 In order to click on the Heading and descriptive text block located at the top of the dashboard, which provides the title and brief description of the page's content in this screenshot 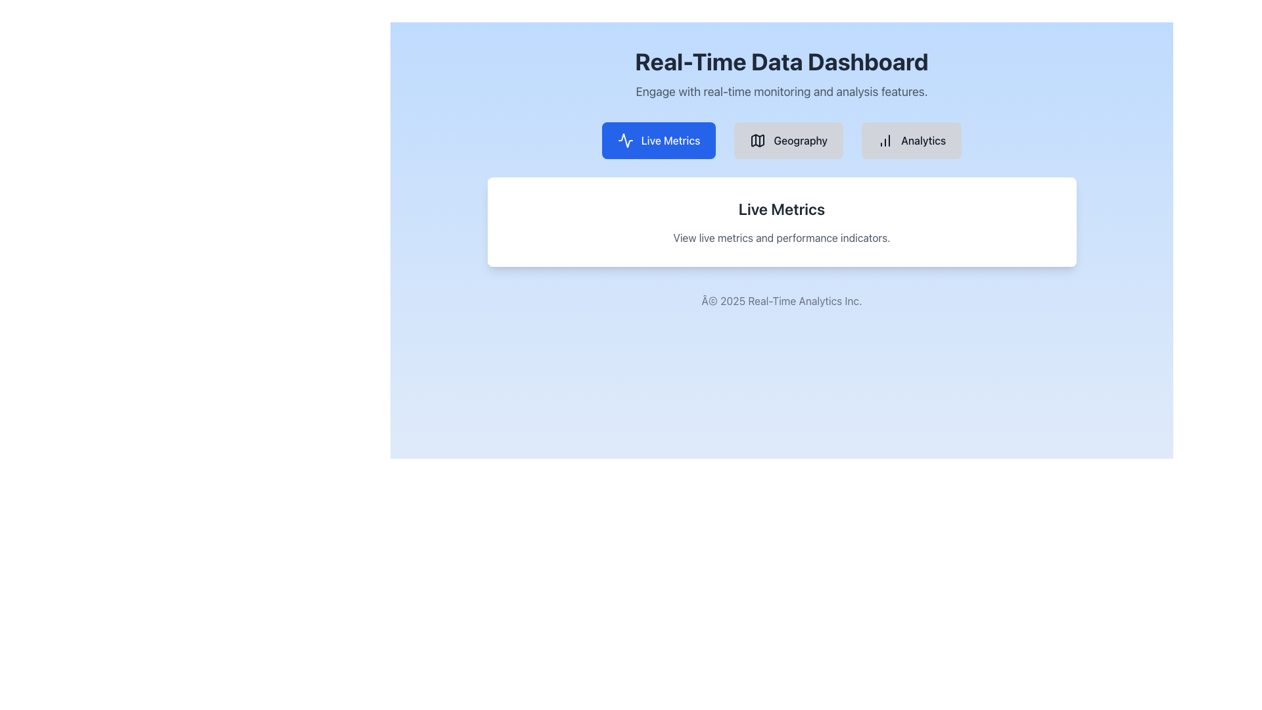, I will do `click(782, 75)`.